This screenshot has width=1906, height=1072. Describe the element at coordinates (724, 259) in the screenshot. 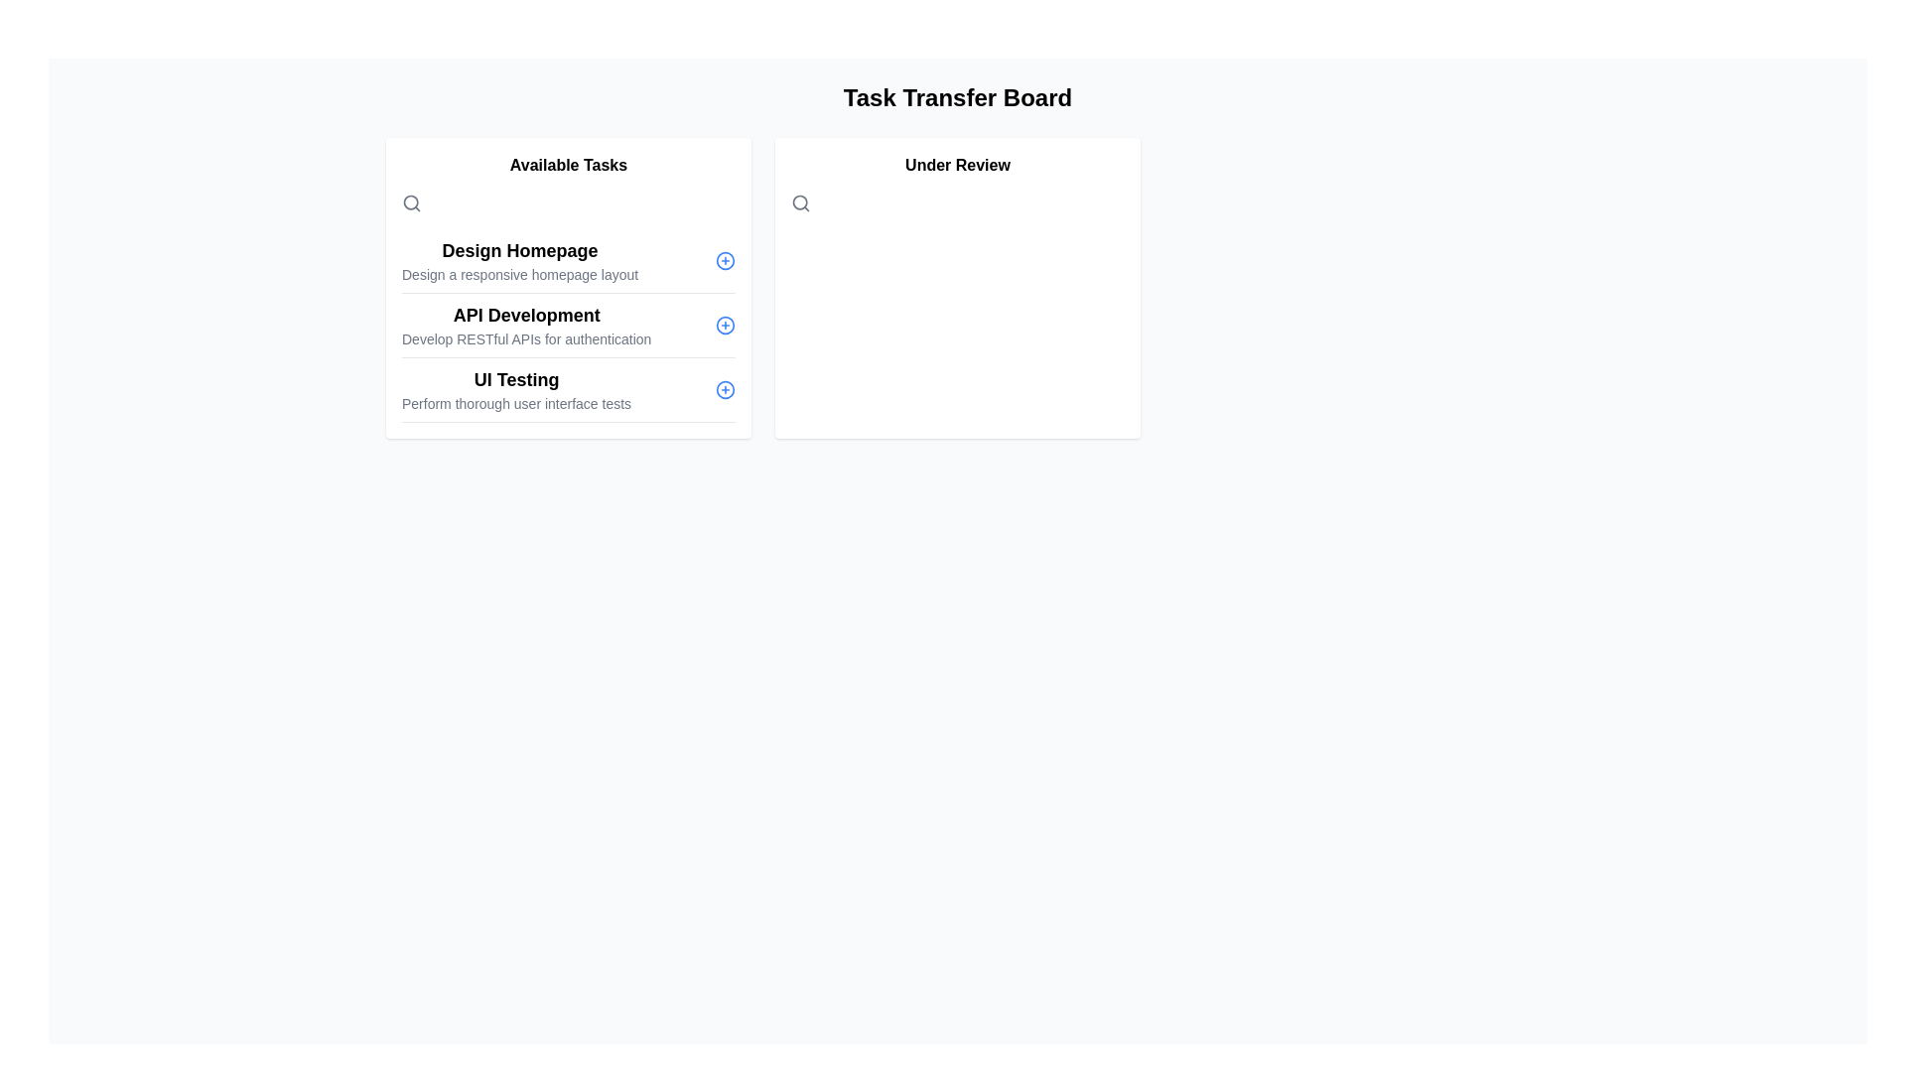

I see `the circular icon associated with the 'Design Homepage' task in the 'Available Tasks' panel of the 'Task Transfer Board' interface` at that location.